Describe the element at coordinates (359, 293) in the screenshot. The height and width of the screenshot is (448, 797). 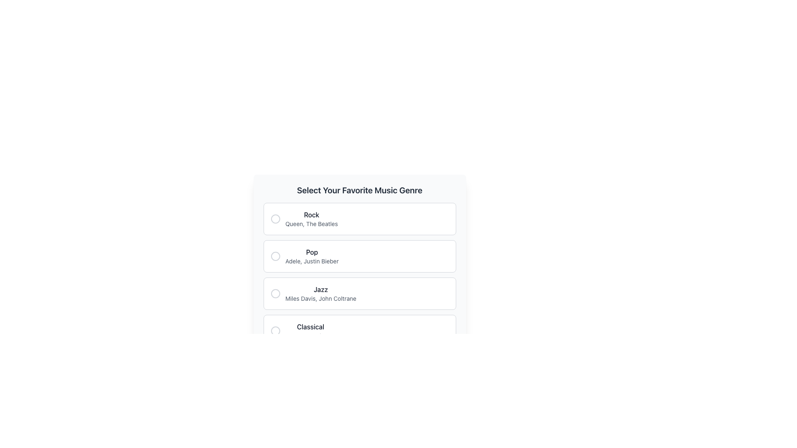
I see `the 'Jazz' music genre option in the selectable list, which is positioned between 'Pop' and 'Classical'` at that location.